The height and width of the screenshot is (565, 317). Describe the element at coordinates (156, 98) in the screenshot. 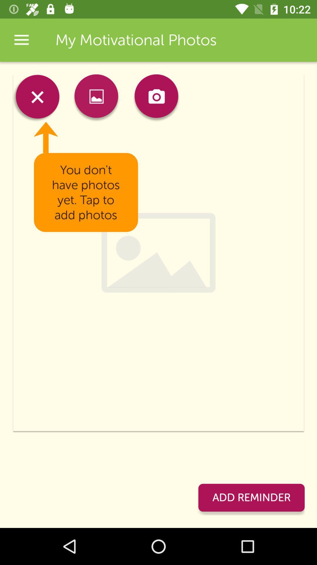

I see `the photo icon` at that location.